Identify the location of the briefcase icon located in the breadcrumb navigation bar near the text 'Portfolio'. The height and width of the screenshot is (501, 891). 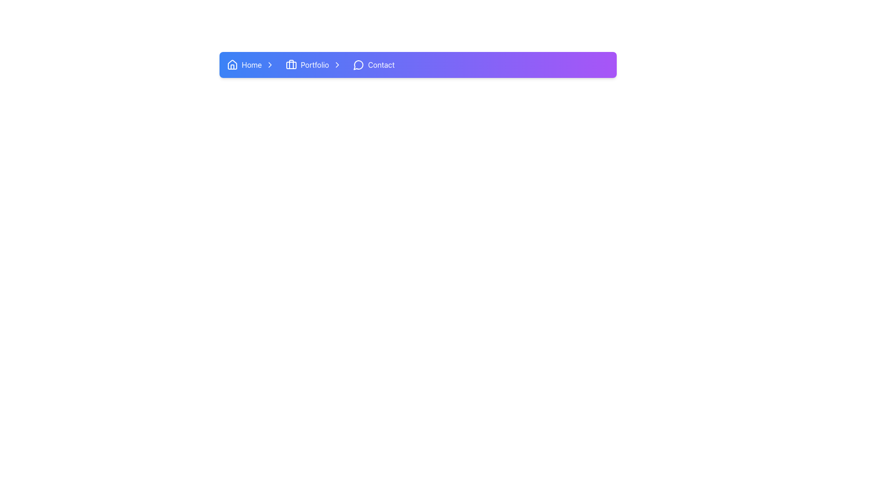
(291, 65).